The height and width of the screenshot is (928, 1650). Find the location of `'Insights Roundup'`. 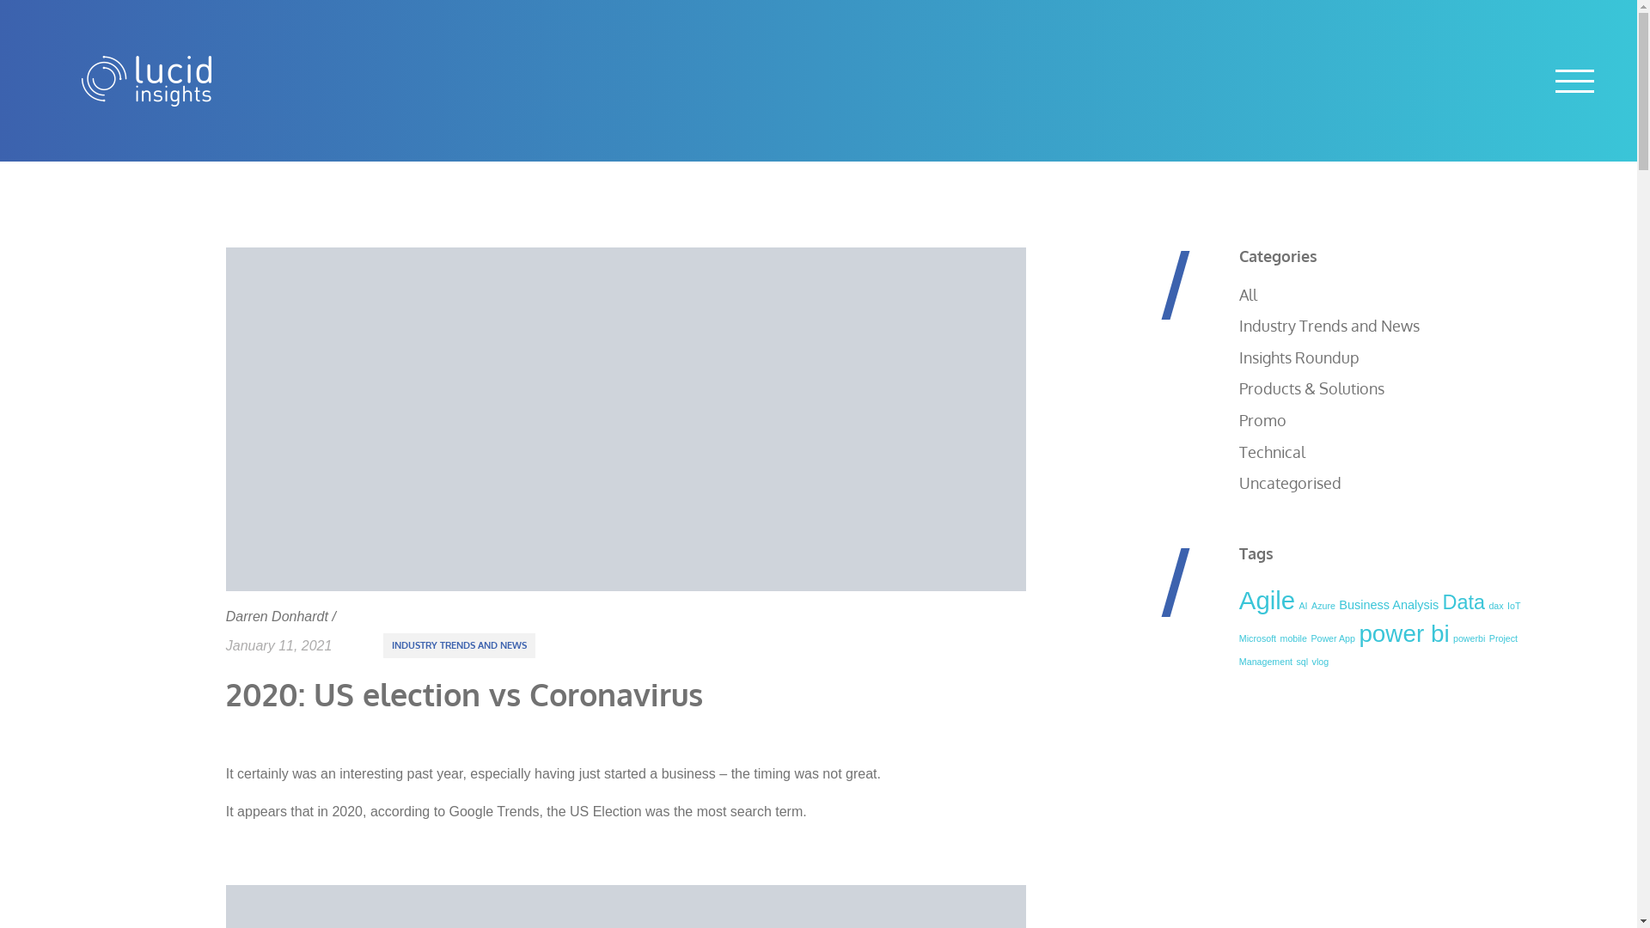

'Insights Roundup' is located at coordinates (1299, 357).